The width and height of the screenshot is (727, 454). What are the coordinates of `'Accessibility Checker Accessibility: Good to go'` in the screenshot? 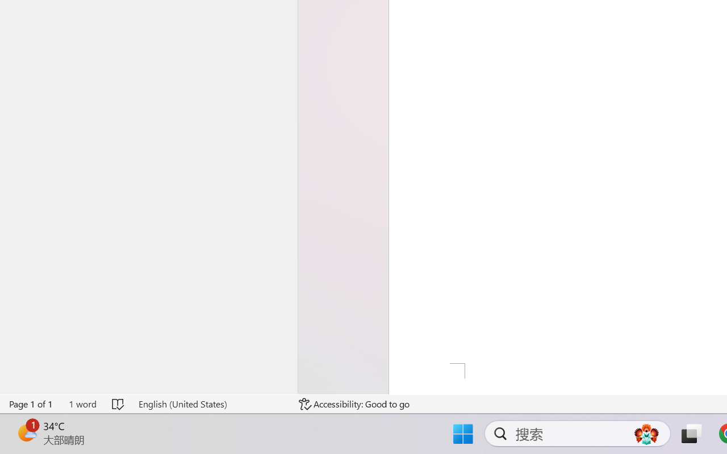 It's located at (354, 403).